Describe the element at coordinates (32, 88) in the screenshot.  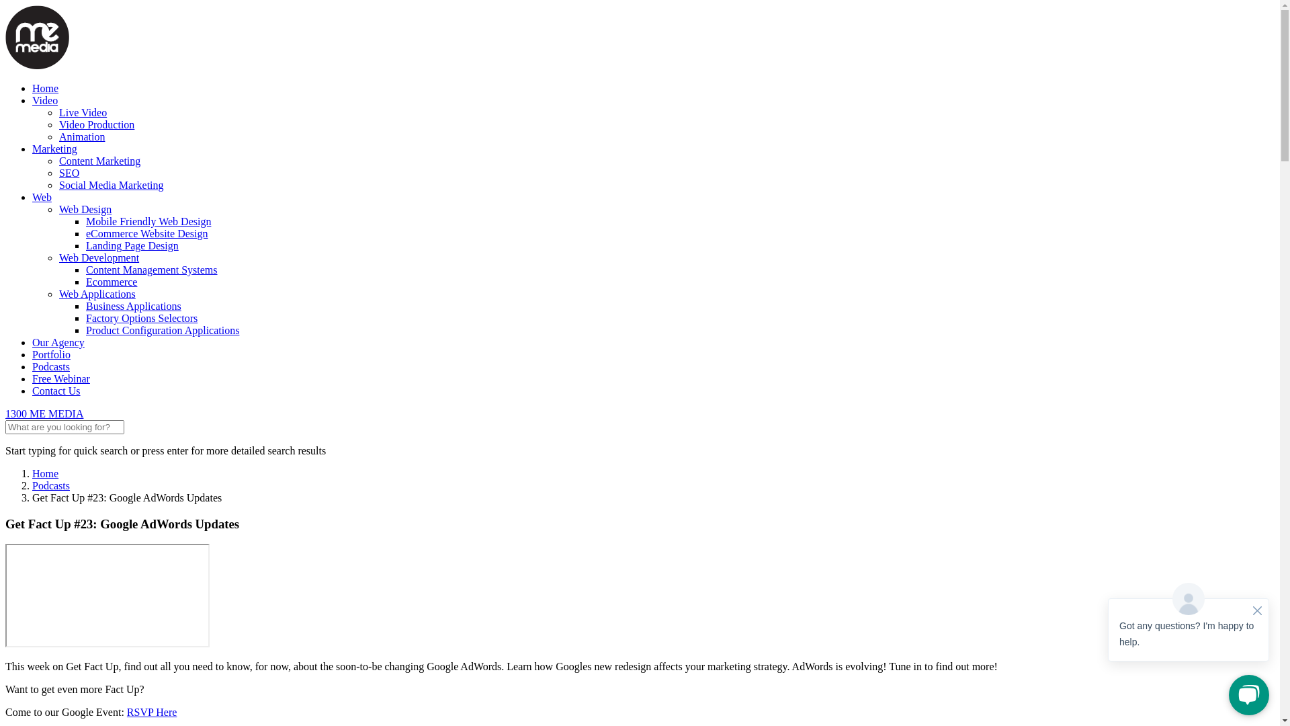
I see `'Home'` at that location.